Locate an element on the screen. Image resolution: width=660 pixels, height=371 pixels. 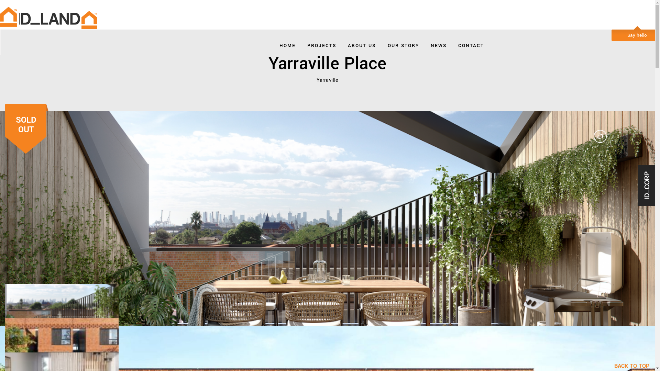
'OUR STORY' is located at coordinates (388, 44).